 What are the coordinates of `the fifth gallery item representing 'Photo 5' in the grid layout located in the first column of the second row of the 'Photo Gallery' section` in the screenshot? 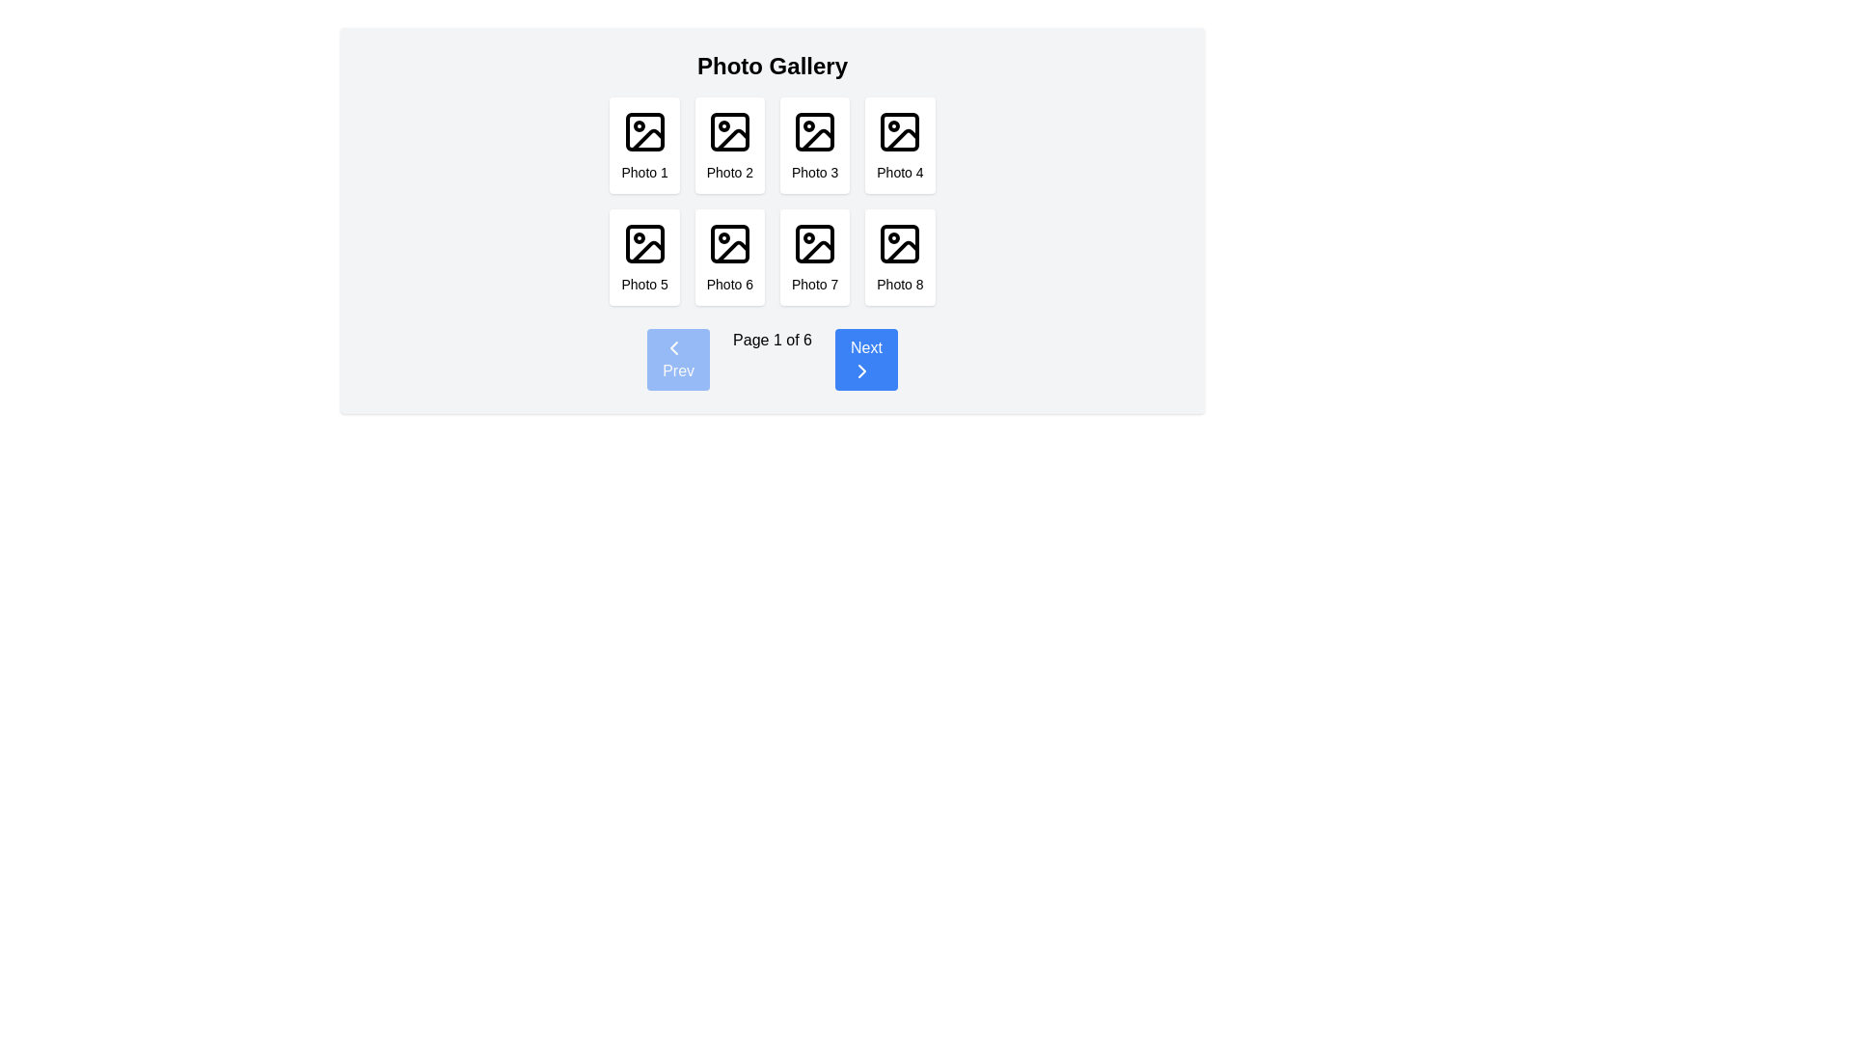 It's located at (644, 256).